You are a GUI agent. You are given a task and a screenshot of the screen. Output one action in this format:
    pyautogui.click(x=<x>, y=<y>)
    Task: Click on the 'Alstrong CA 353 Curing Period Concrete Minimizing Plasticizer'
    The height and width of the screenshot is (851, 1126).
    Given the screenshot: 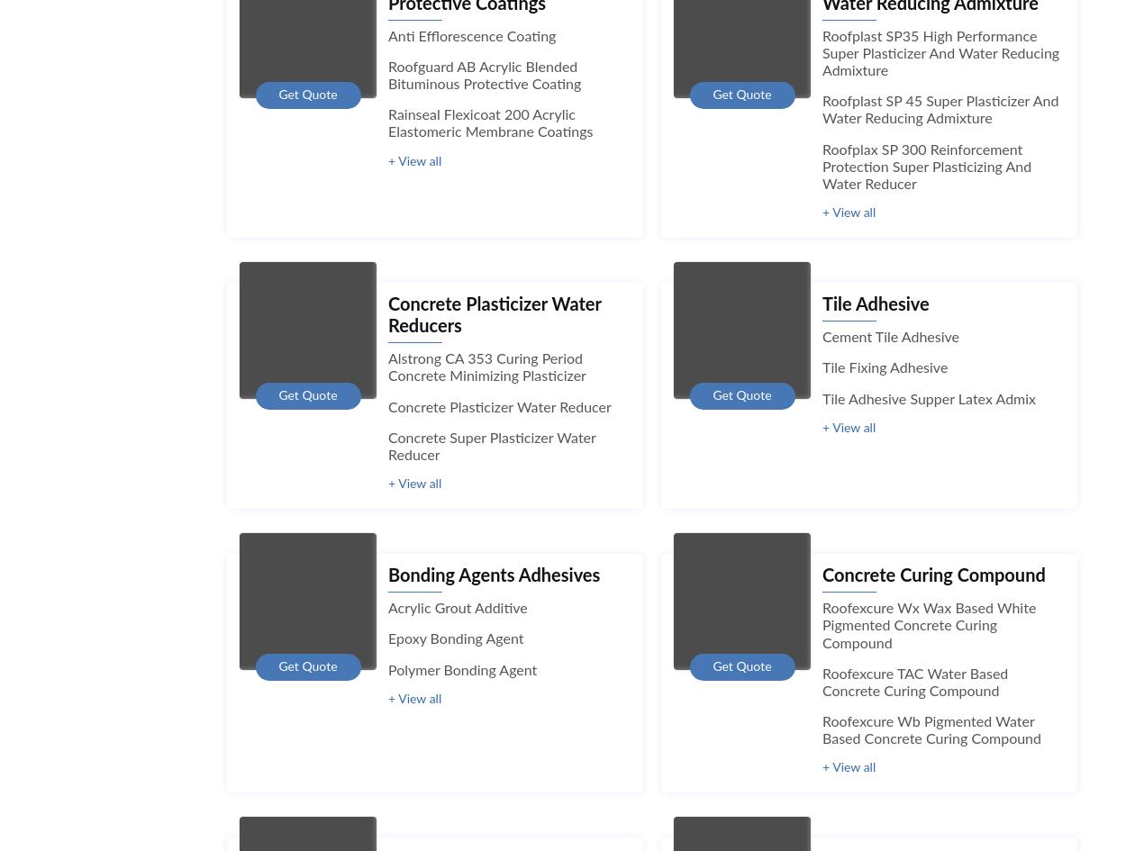 What is the action you would take?
    pyautogui.click(x=388, y=367)
    